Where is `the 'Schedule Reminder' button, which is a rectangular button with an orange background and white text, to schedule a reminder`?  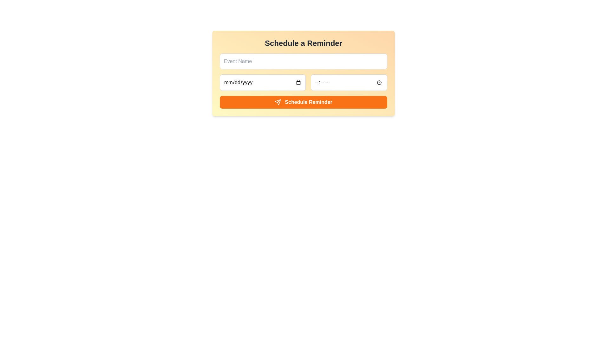 the 'Schedule Reminder' button, which is a rectangular button with an orange background and white text, to schedule a reminder is located at coordinates (303, 102).